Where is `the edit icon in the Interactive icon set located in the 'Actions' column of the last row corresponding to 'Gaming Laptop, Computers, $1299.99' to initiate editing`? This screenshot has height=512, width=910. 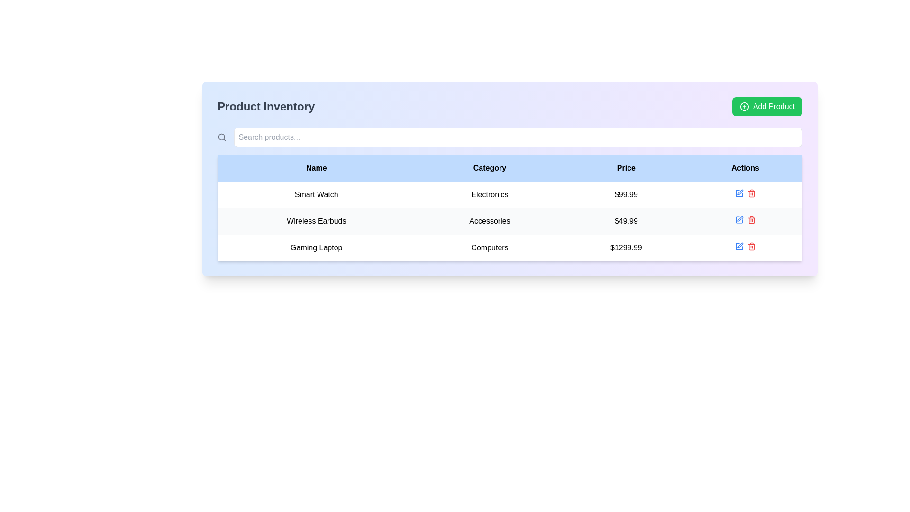
the edit icon in the Interactive icon set located in the 'Actions' column of the last row corresponding to 'Gaming Laptop, Computers, $1299.99' to initiate editing is located at coordinates (745, 246).